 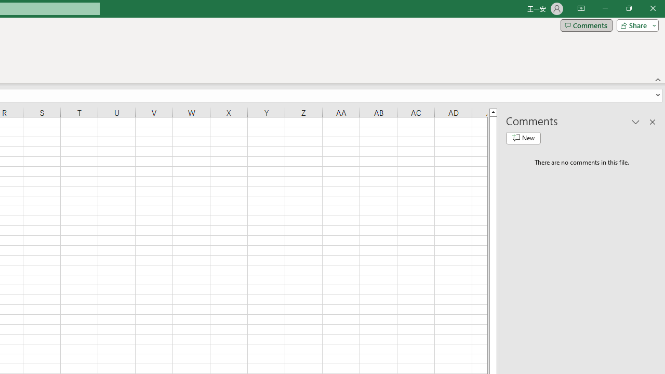 What do you see at coordinates (628, 8) in the screenshot?
I see `'Restore Down'` at bounding box center [628, 8].